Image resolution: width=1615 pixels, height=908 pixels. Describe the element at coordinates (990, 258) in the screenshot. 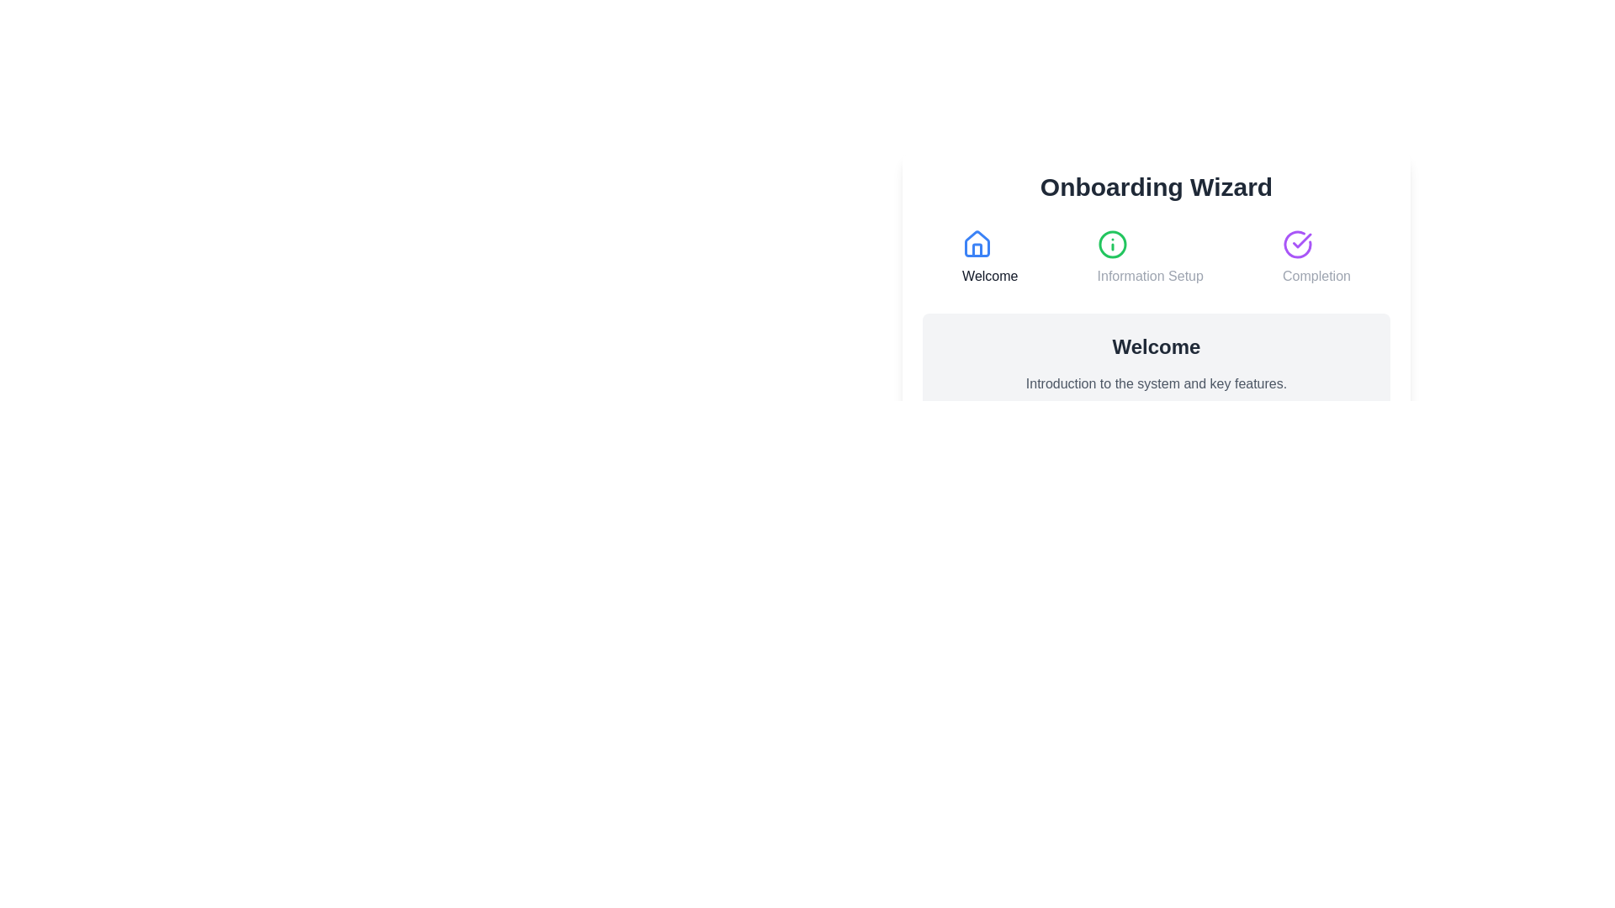

I see `the step title Welcome to activate it` at that location.